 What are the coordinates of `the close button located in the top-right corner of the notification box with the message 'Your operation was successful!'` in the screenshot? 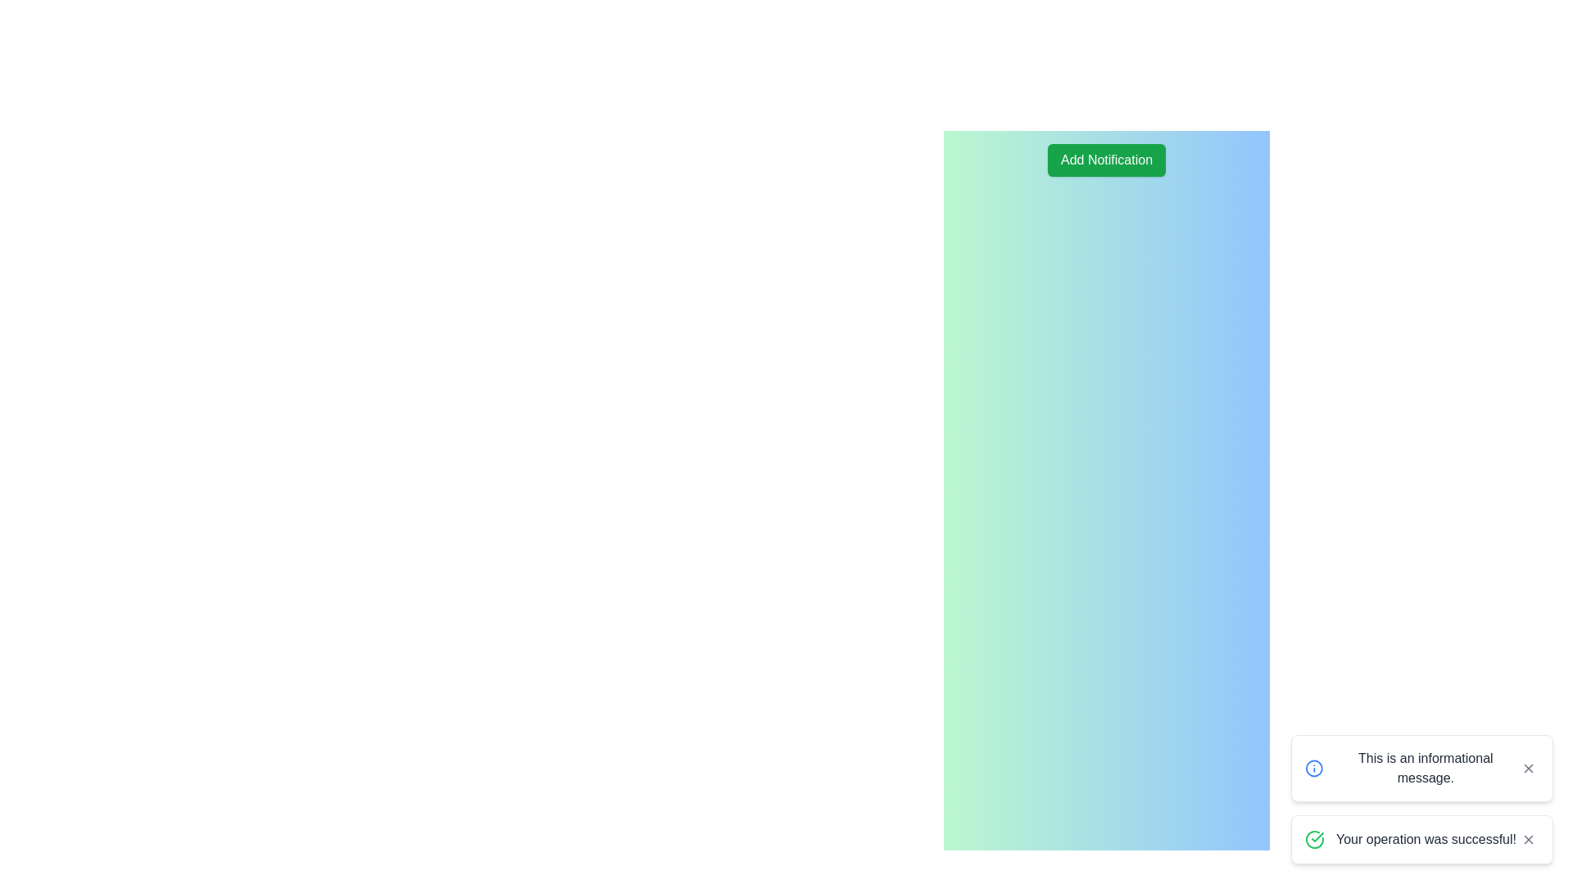 It's located at (1528, 840).